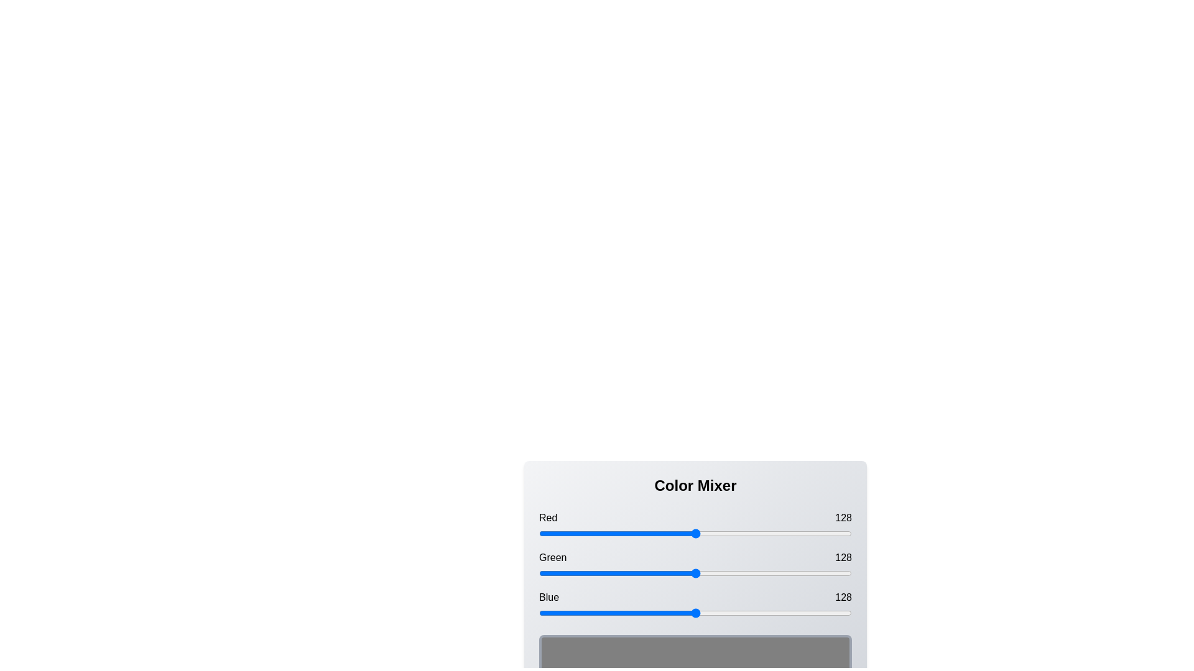 The height and width of the screenshot is (671, 1194). What do you see at coordinates (695, 659) in the screenshot?
I see `the color preview box to observe the resultant color` at bounding box center [695, 659].